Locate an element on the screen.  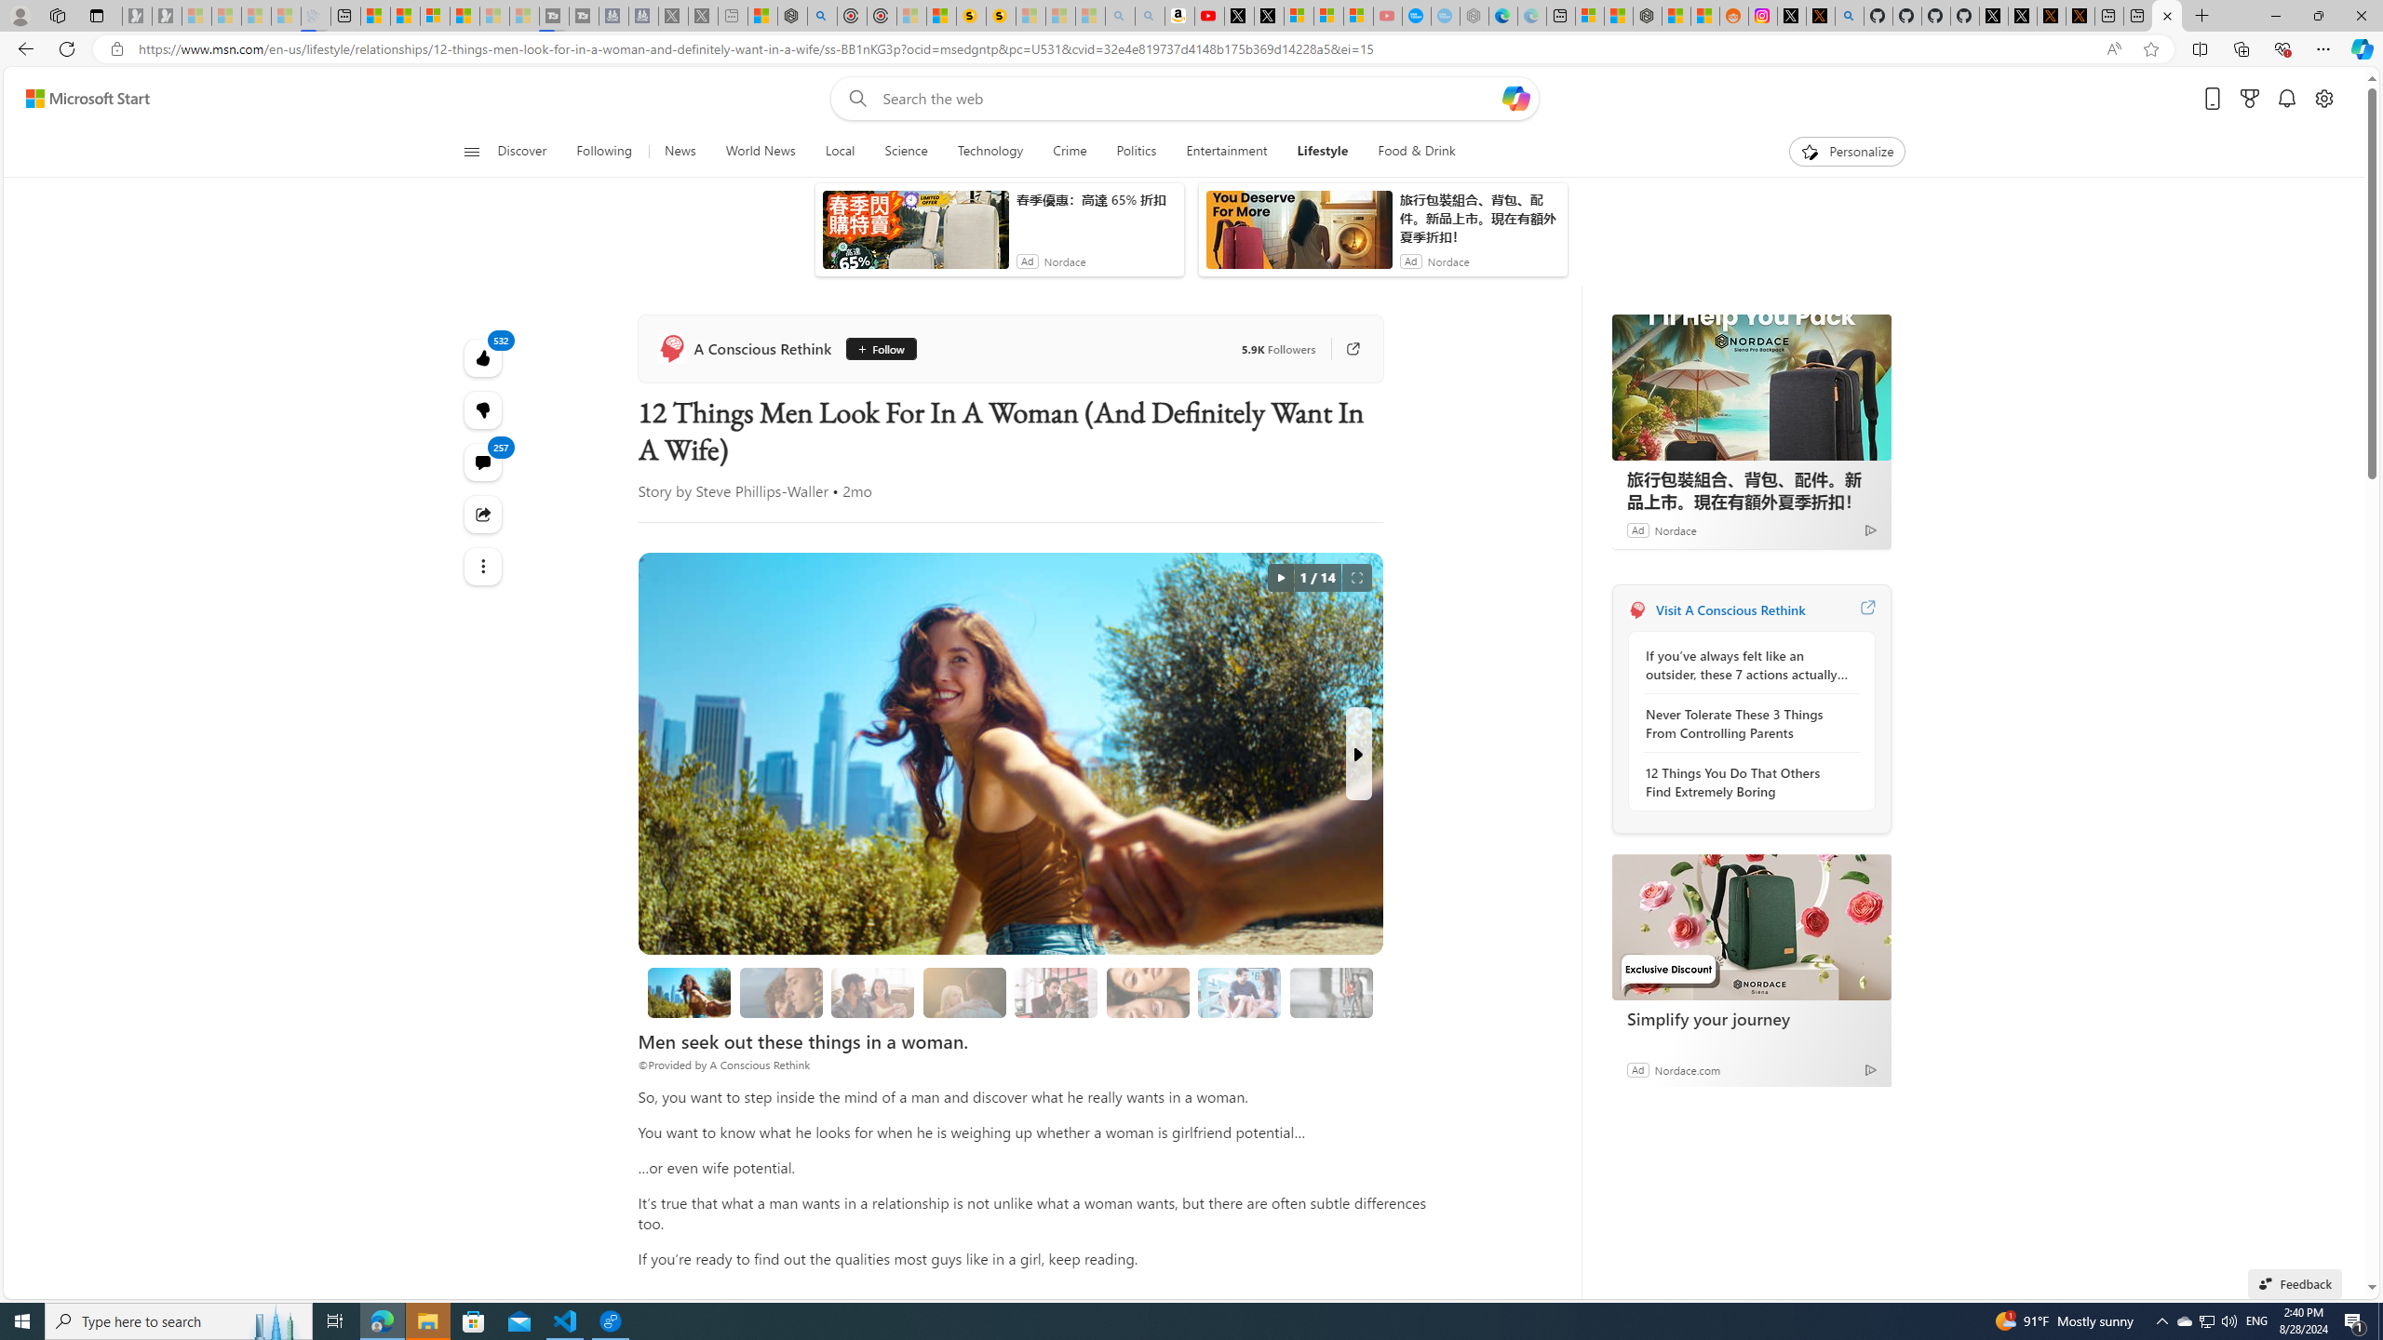
'Enter your search term' is located at coordinates (1188, 127).